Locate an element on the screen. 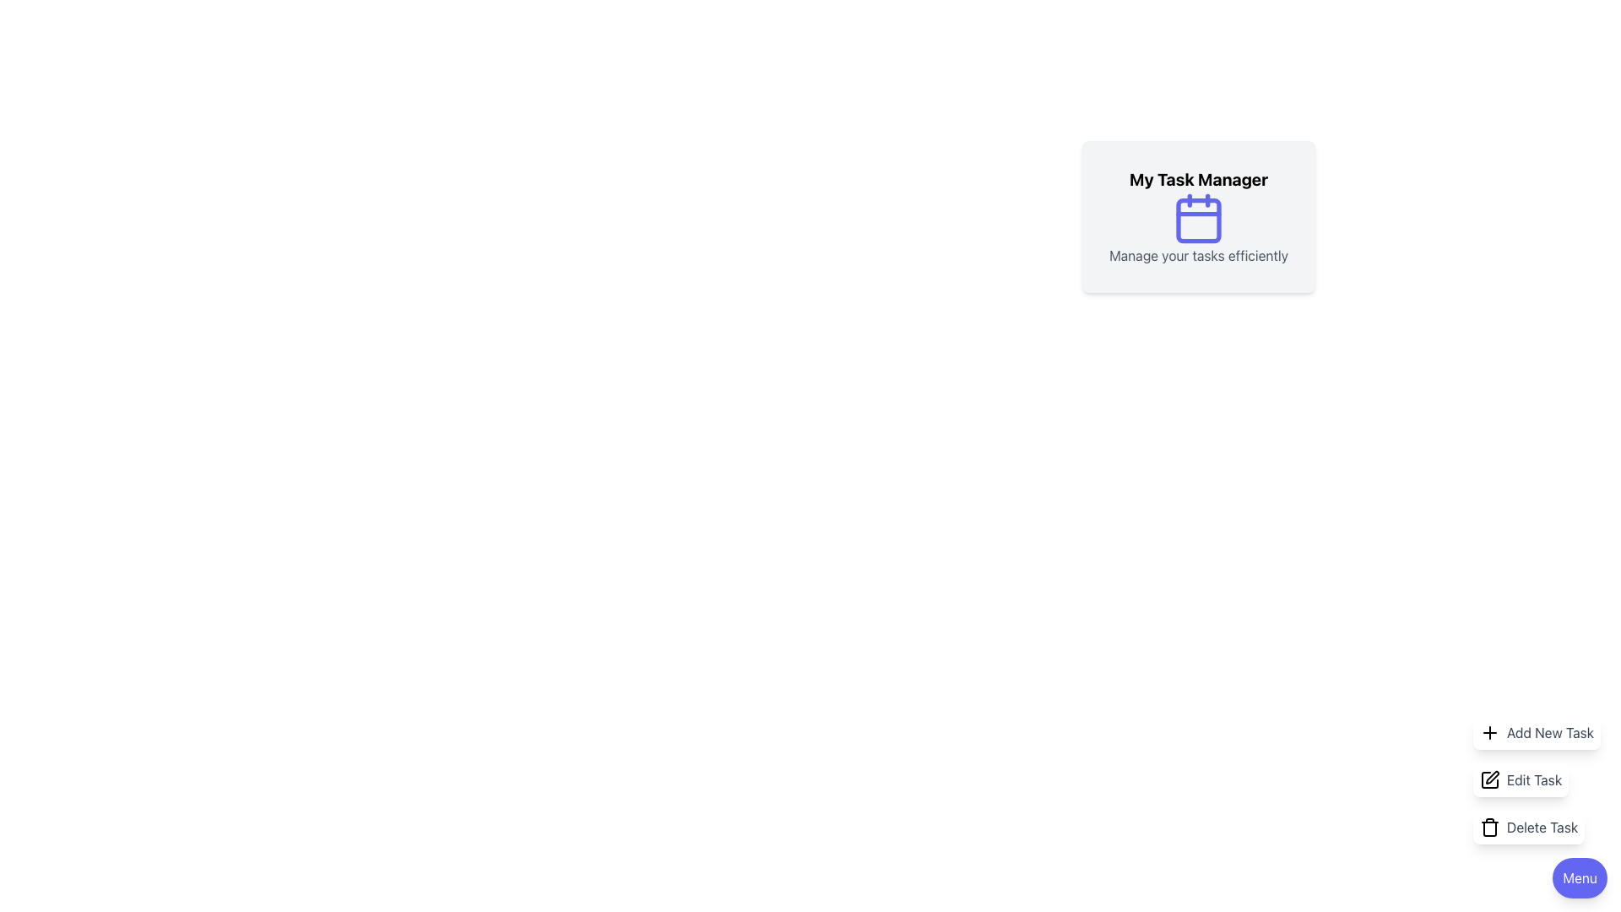 The height and width of the screenshot is (912, 1621). the descriptive subtitle text label located at the bottom of the 'My Task Manager' card, beneath the calendar icon is located at coordinates (1198, 256).